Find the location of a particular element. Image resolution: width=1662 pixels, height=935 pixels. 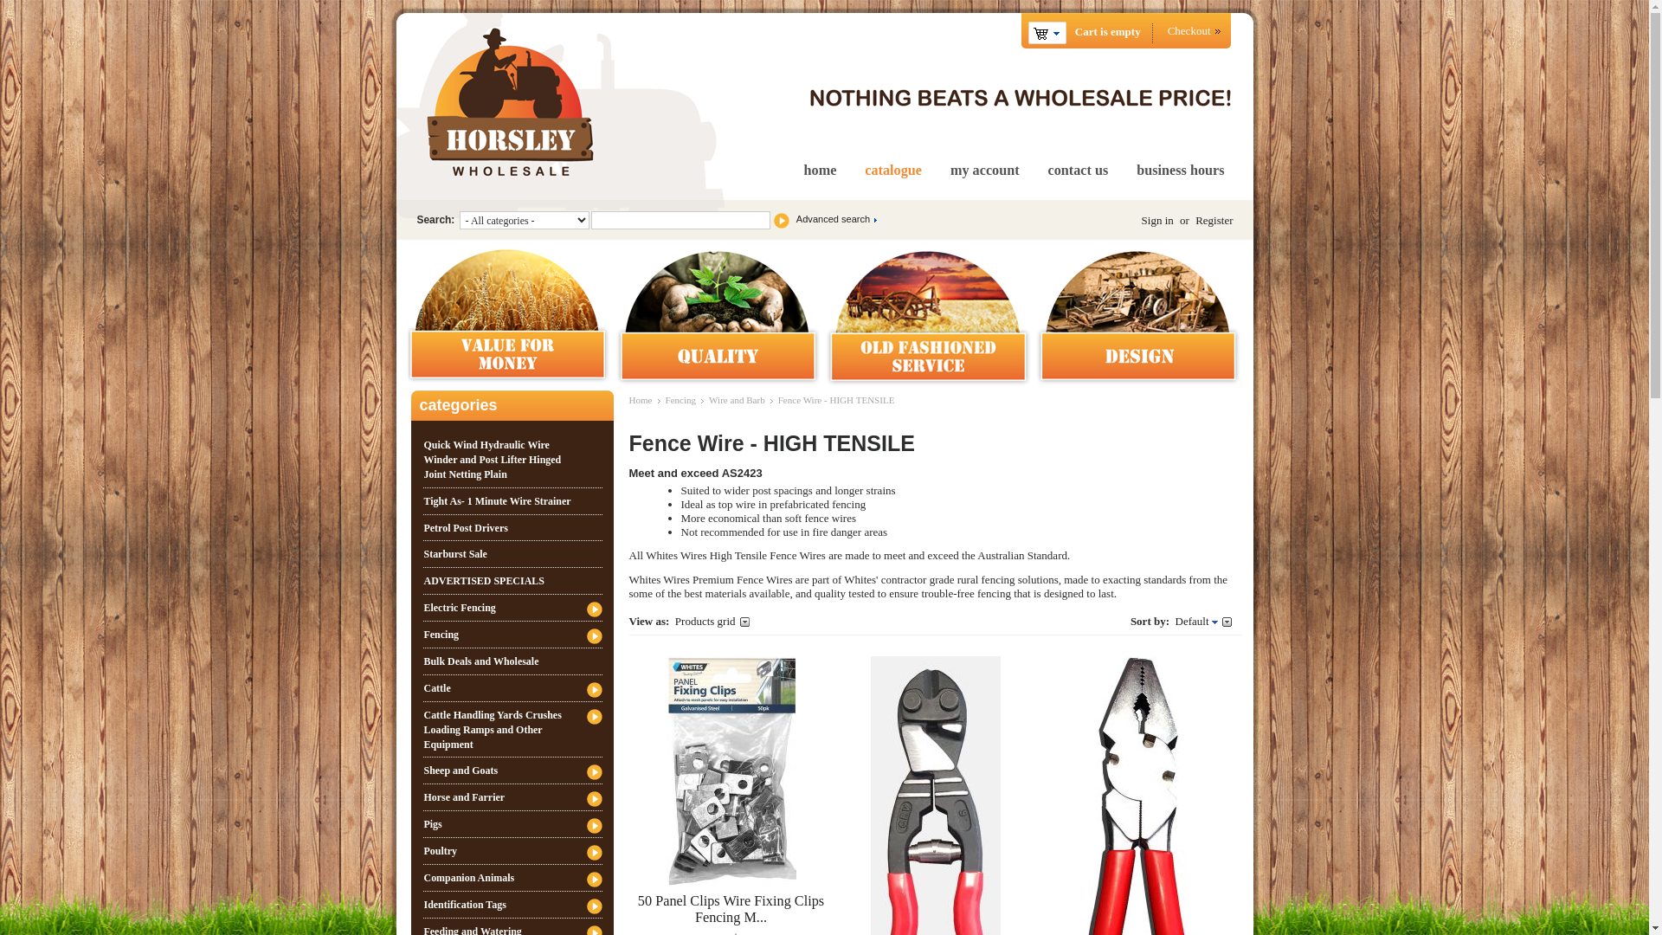

'Checkout' is located at coordinates (1192, 31).